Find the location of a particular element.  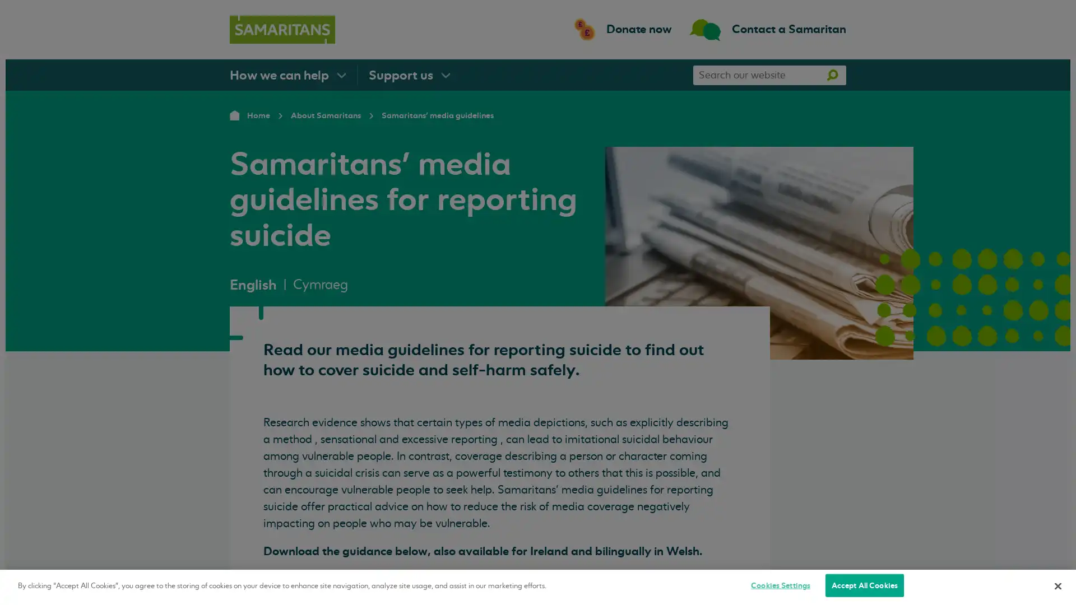

Close is located at coordinates (1057, 585).